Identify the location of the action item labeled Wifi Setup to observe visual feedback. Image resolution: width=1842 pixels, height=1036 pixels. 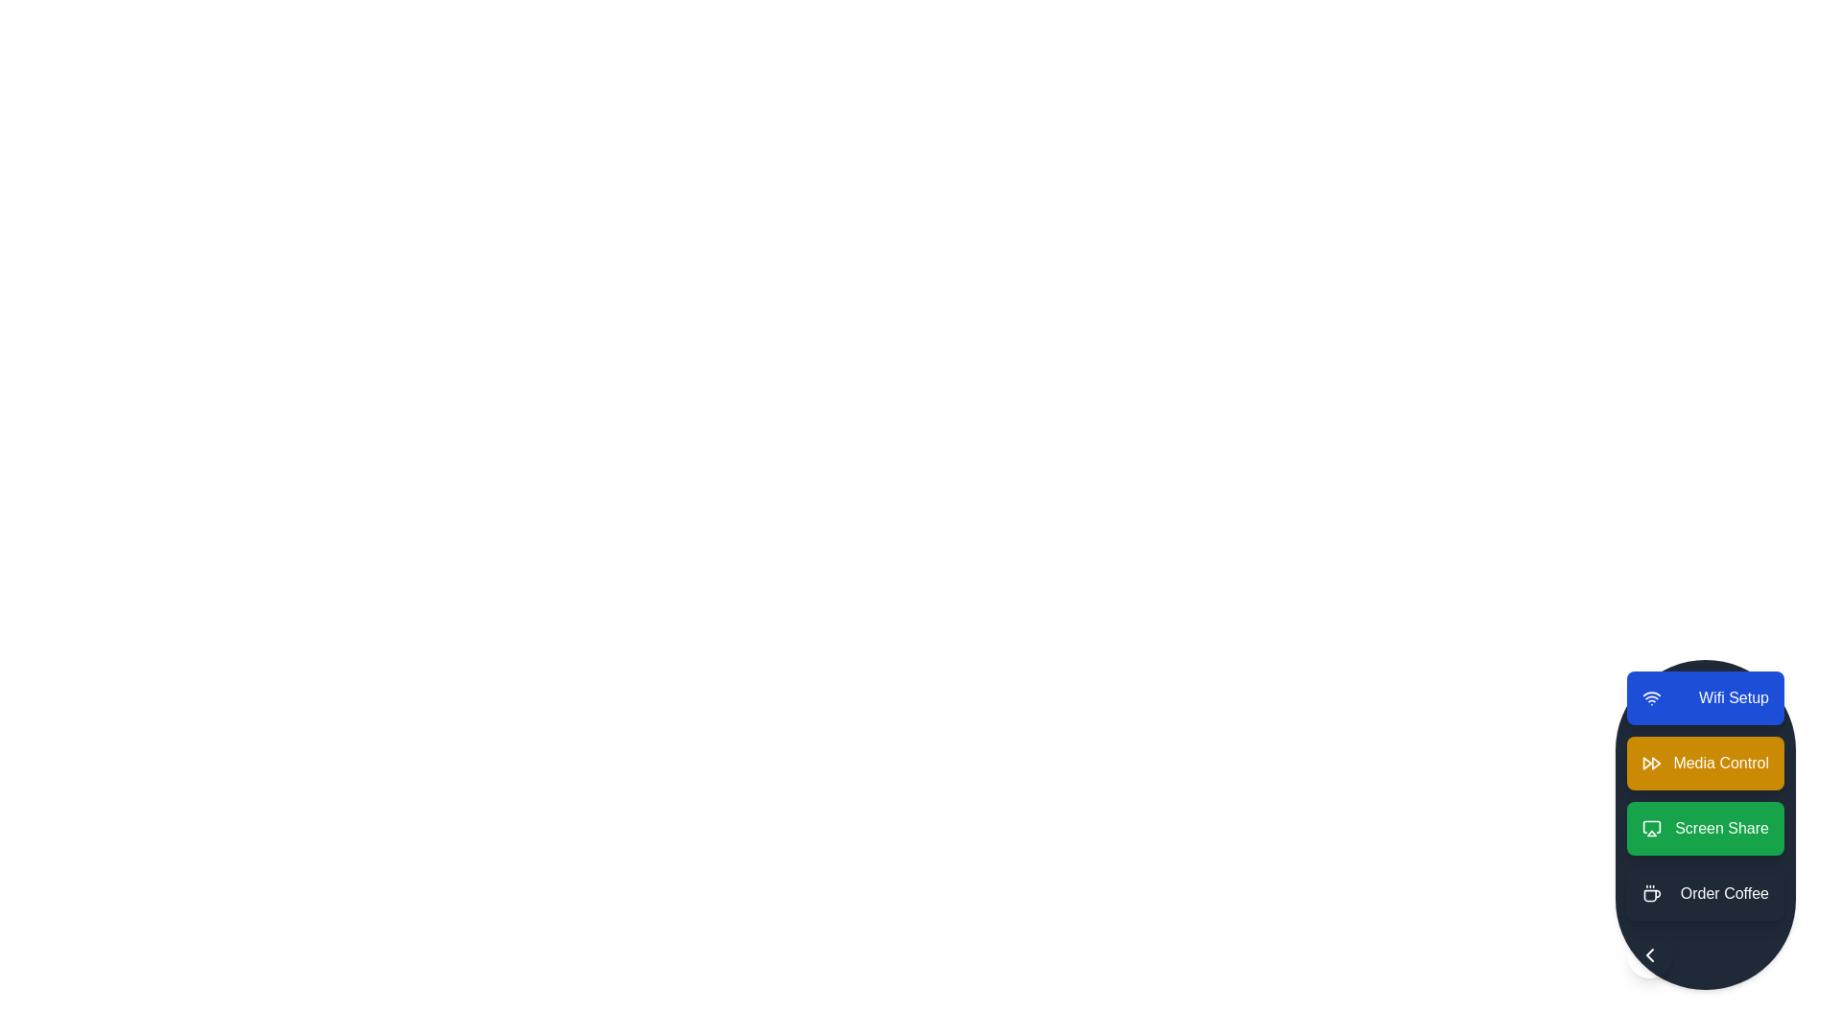
(1705, 698).